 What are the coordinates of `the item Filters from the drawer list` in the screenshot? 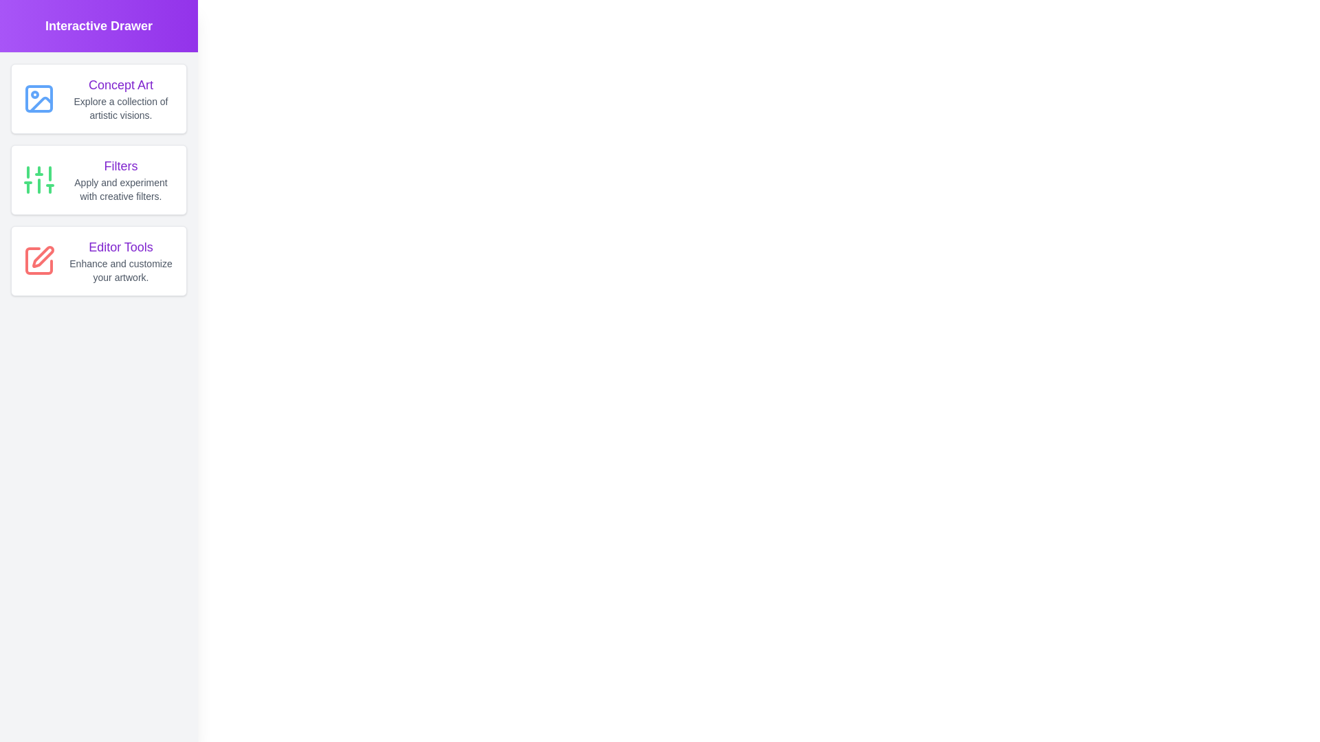 It's located at (98, 179).